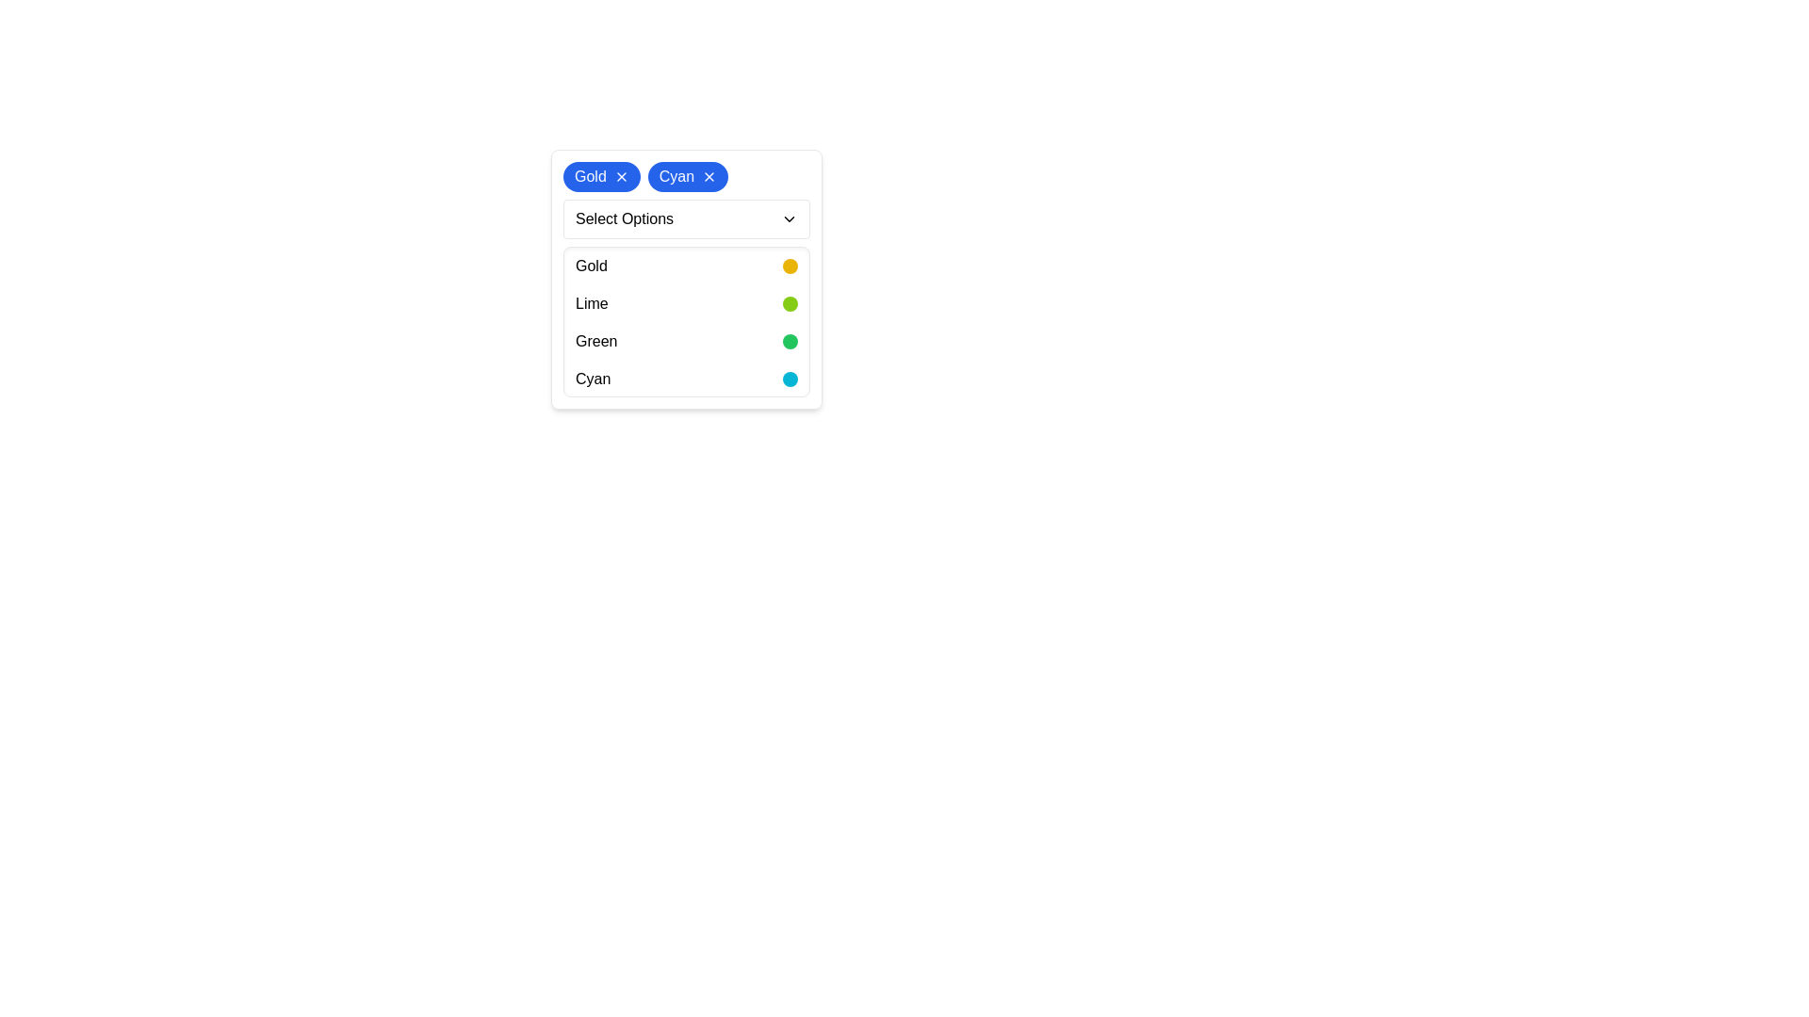 The width and height of the screenshot is (1809, 1017). I want to click on the 'Cyan' option in the dropdown menu, which is the last item below 'Green', so click(686, 379).